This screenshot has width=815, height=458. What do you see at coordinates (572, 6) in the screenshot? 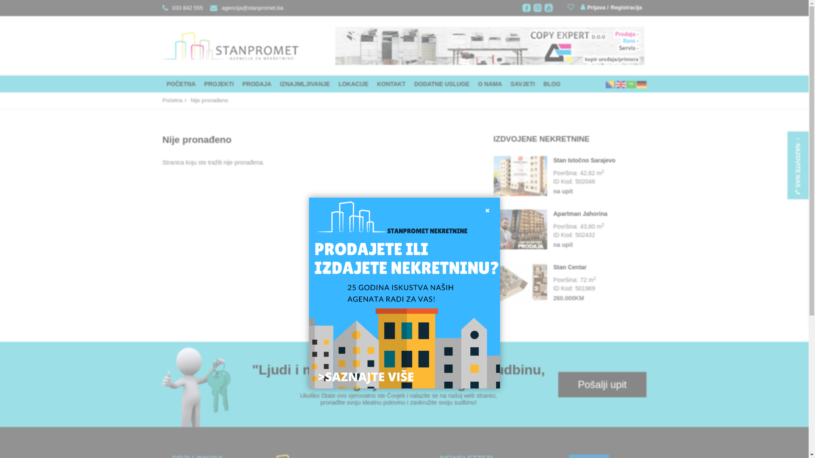
I see `'My favorites'` at bounding box center [572, 6].